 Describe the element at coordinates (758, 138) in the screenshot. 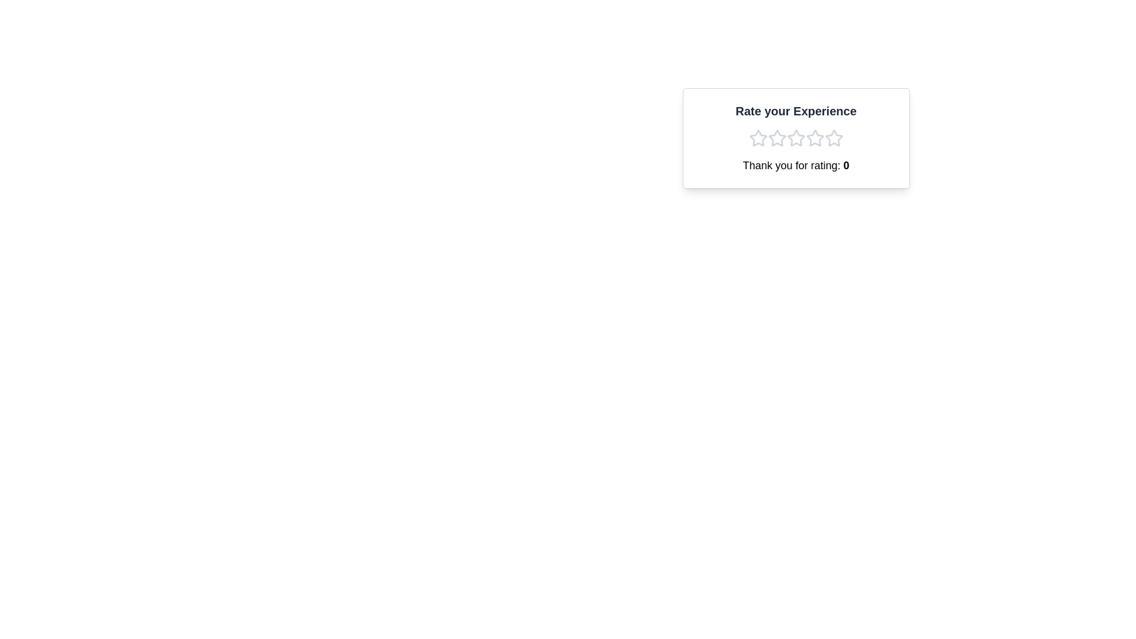

I see `the first star icon in the rating system to indicate a 'one-star' rating beneath the text 'Rate your Experience'` at that location.